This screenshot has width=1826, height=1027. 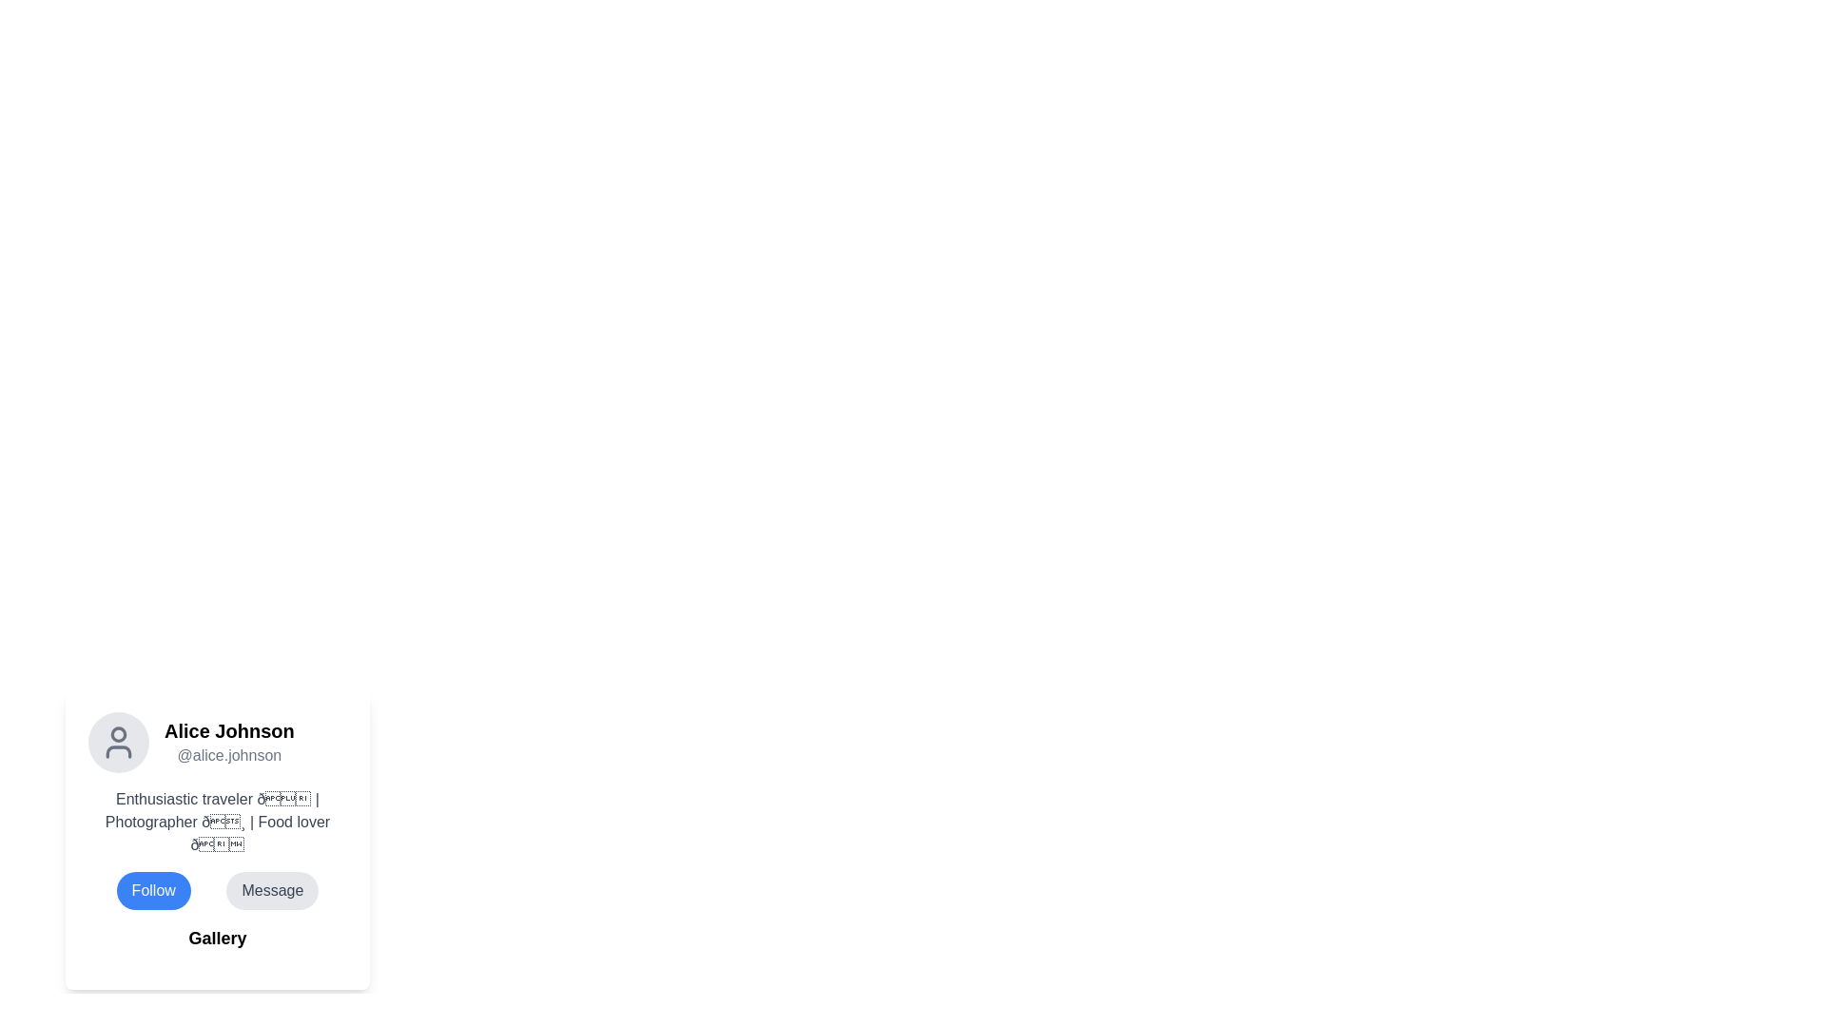 I want to click on the circular element with a grey border located within the user icon graphic, representing part of a person's head near the top of the icon, so click(x=117, y=733).